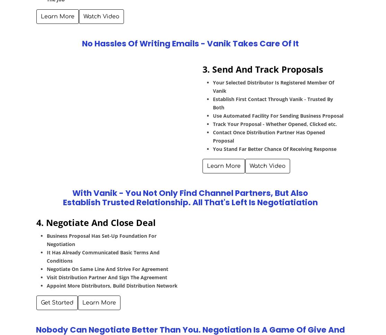 The width and height of the screenshot is (386, 335). What do you see at coordinates (272, 102) in the screenshot?
I see `'Establish First Contact Through Vanik - Trusted By Both'` at bounding box center [272, 102].